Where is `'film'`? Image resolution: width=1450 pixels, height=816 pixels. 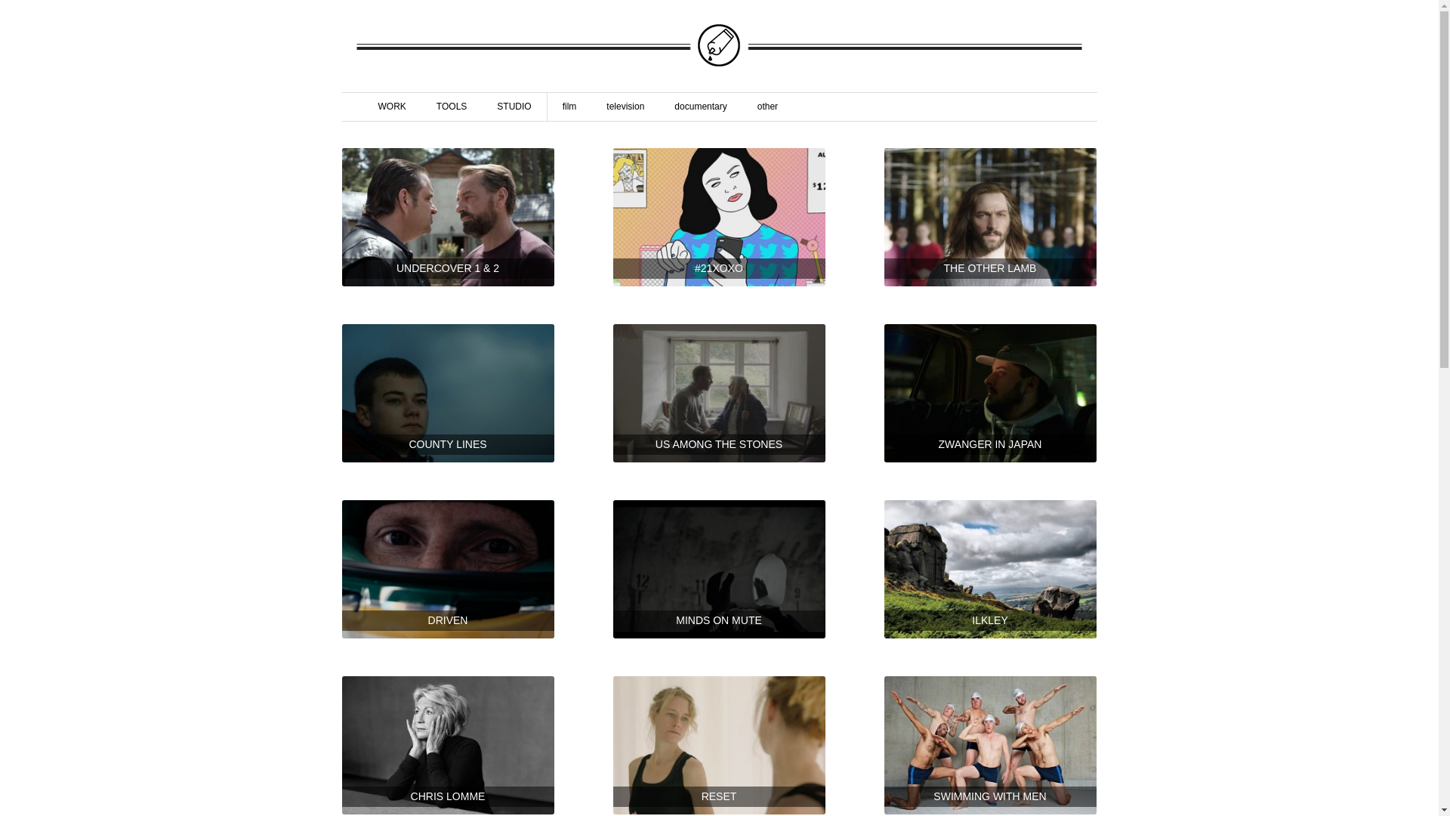
'film' is located at coordinates (569, 106).